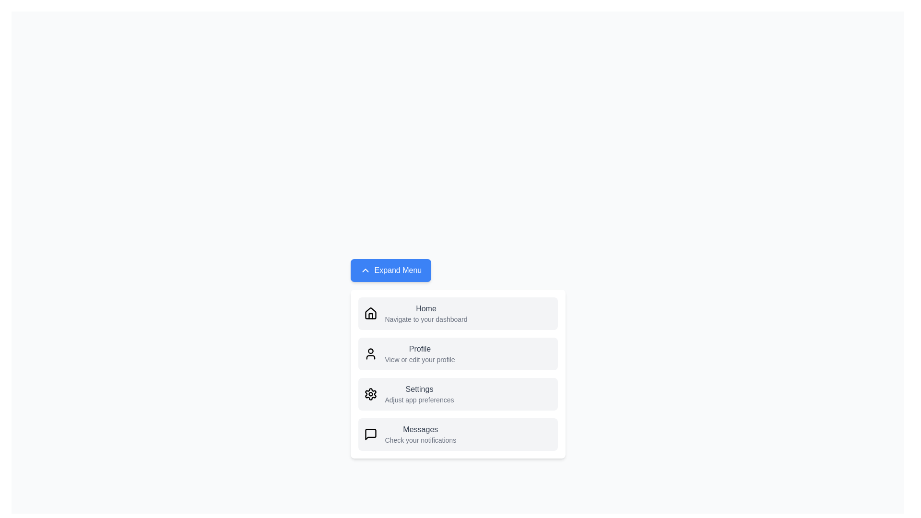  What do you see at coordinates (425, 314) in the screenshot?
I see `the 'Home' action in the menu` at bounding box center [425, 314].